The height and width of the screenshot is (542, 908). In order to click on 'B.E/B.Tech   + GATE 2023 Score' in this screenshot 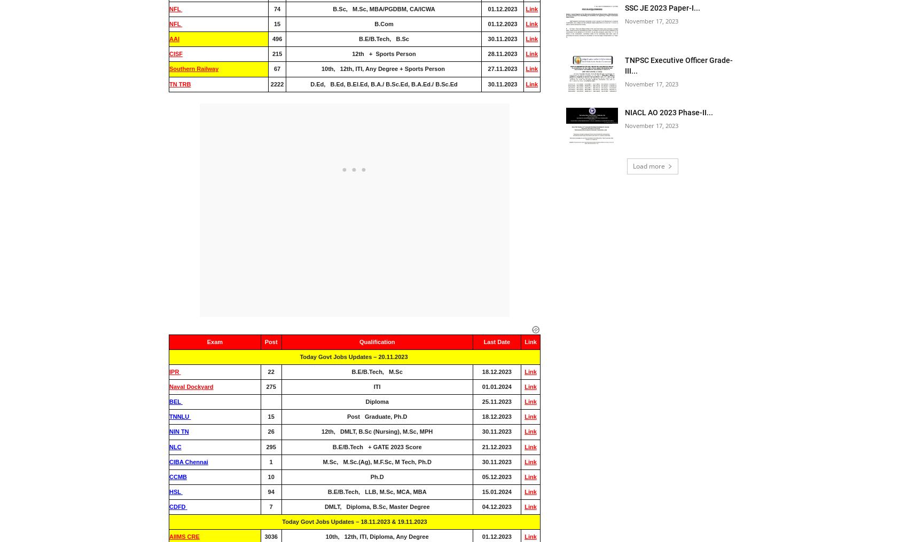, I will do `click(377, 446)`.